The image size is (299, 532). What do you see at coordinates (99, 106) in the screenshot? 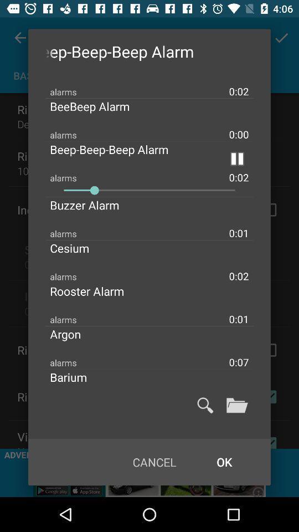
I see `beebeep alarm` at bounding box center [99, 106].